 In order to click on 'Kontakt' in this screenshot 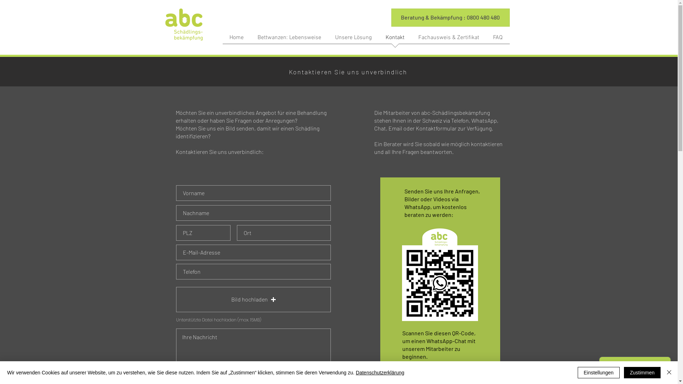, I will do `click(394, 40)`.